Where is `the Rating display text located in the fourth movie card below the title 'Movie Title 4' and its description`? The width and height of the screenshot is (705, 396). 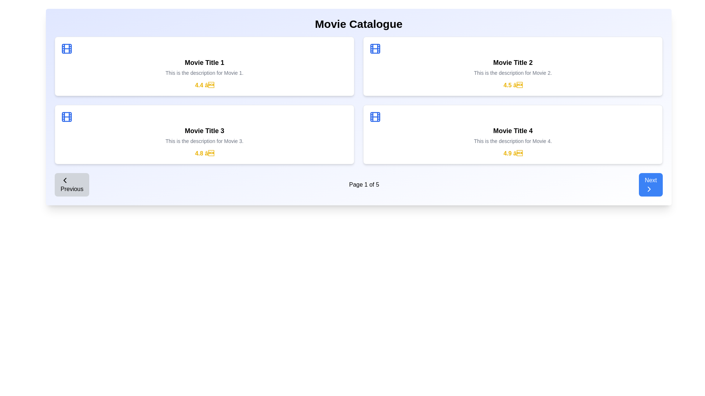
the Rating display text located in the fourth movie card below the title 'Movie Title 4' and its description is located at coordinates (512, 153).